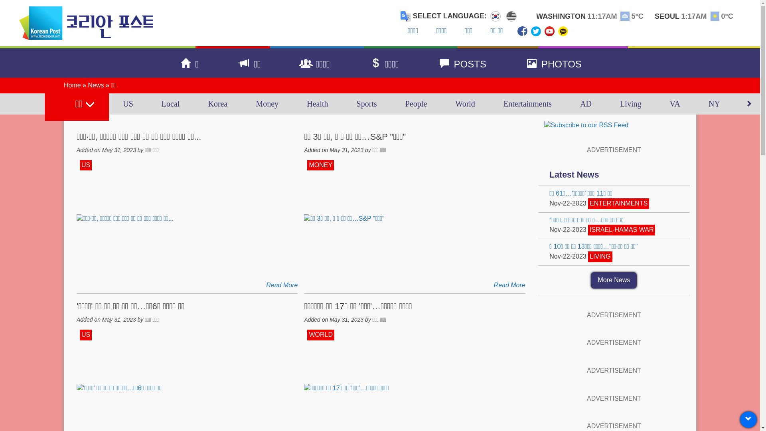  Describe the element at coordinates (621, 230) in the screenshot. I see `'ISRAEL-HAMAS WAR'` at that location.